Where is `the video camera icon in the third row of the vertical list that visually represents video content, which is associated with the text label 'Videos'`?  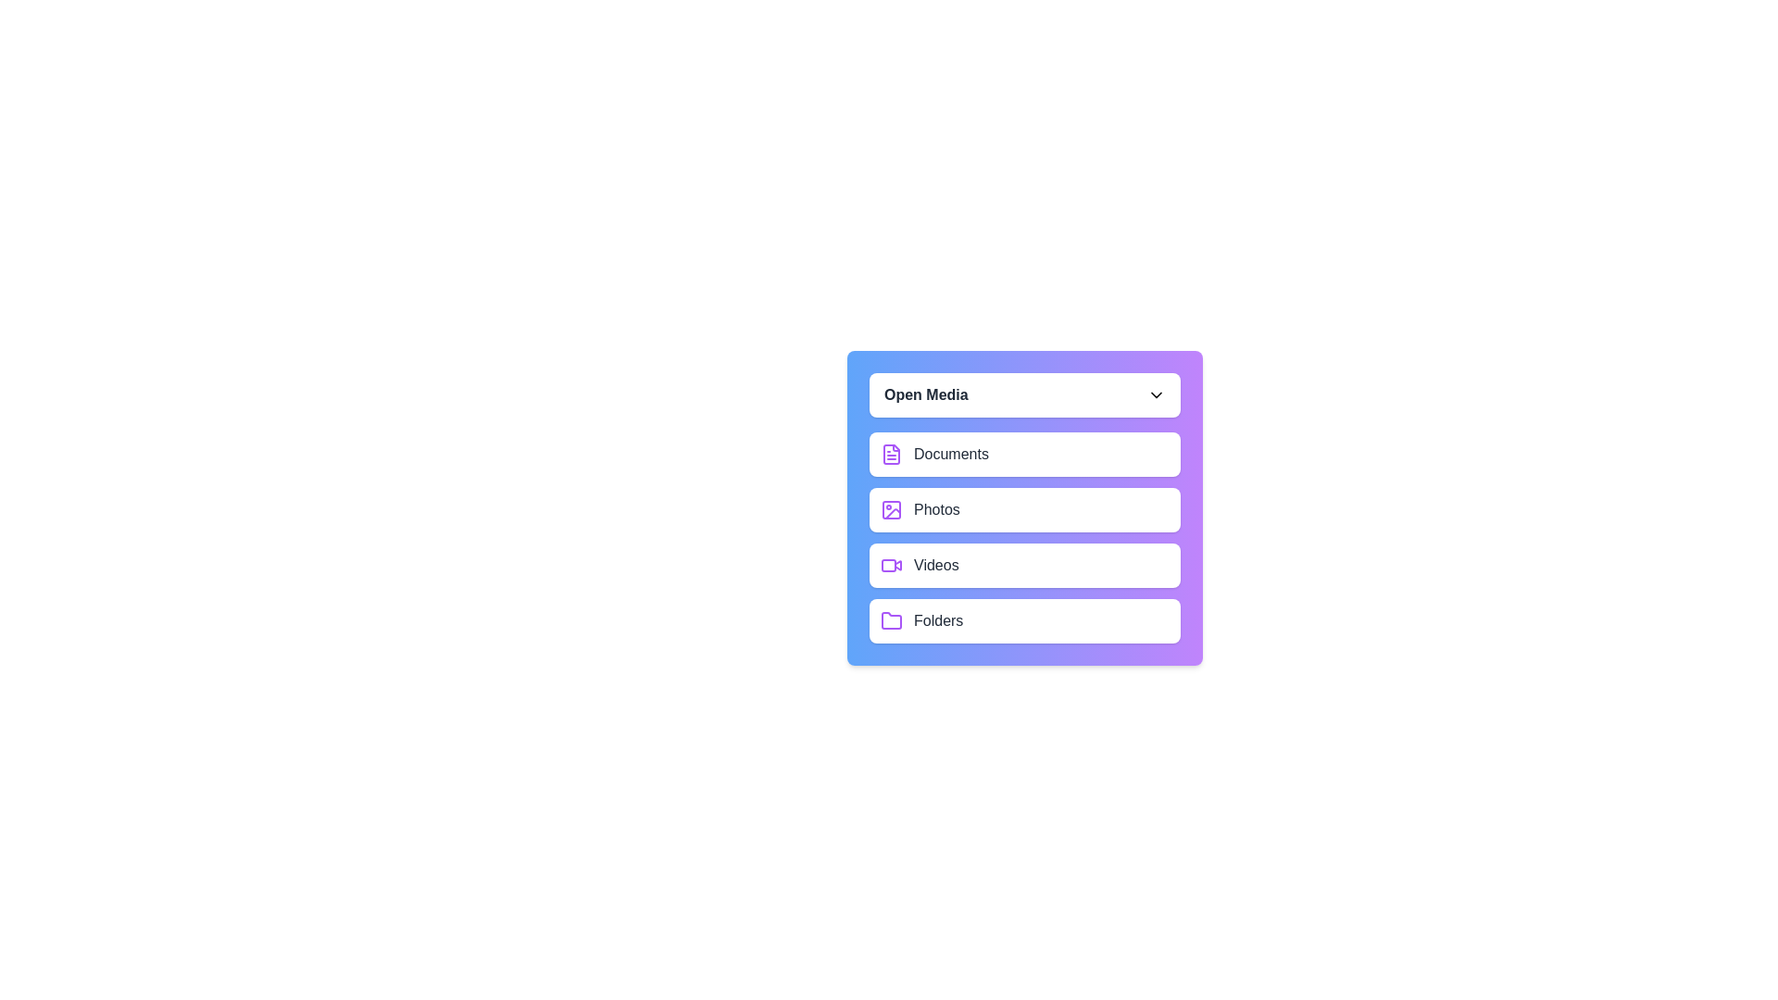 the video camera icon in the third row of the vertical list that visually represents video content, which is associated with the text label 'Videos' is located at coordinates (897, 563).